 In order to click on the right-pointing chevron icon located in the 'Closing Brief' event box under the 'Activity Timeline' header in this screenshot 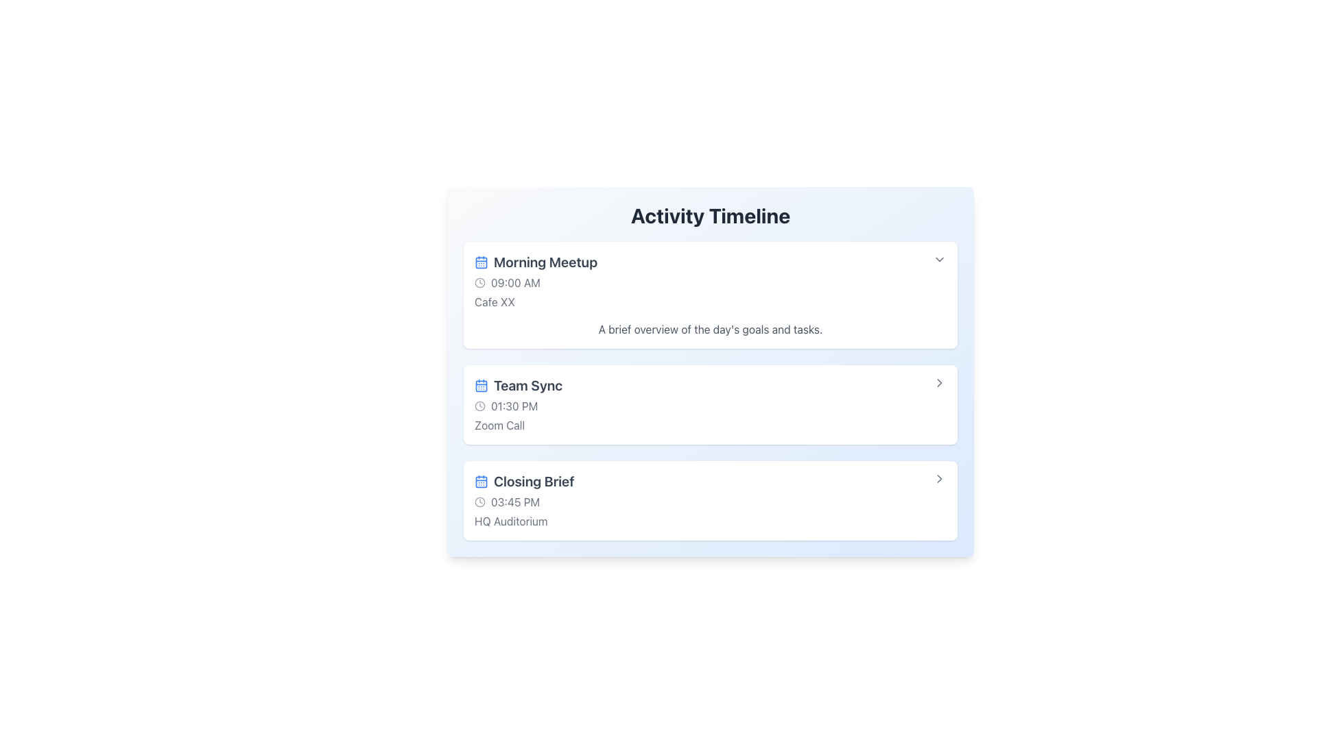, I will do `click(938, 478)`.